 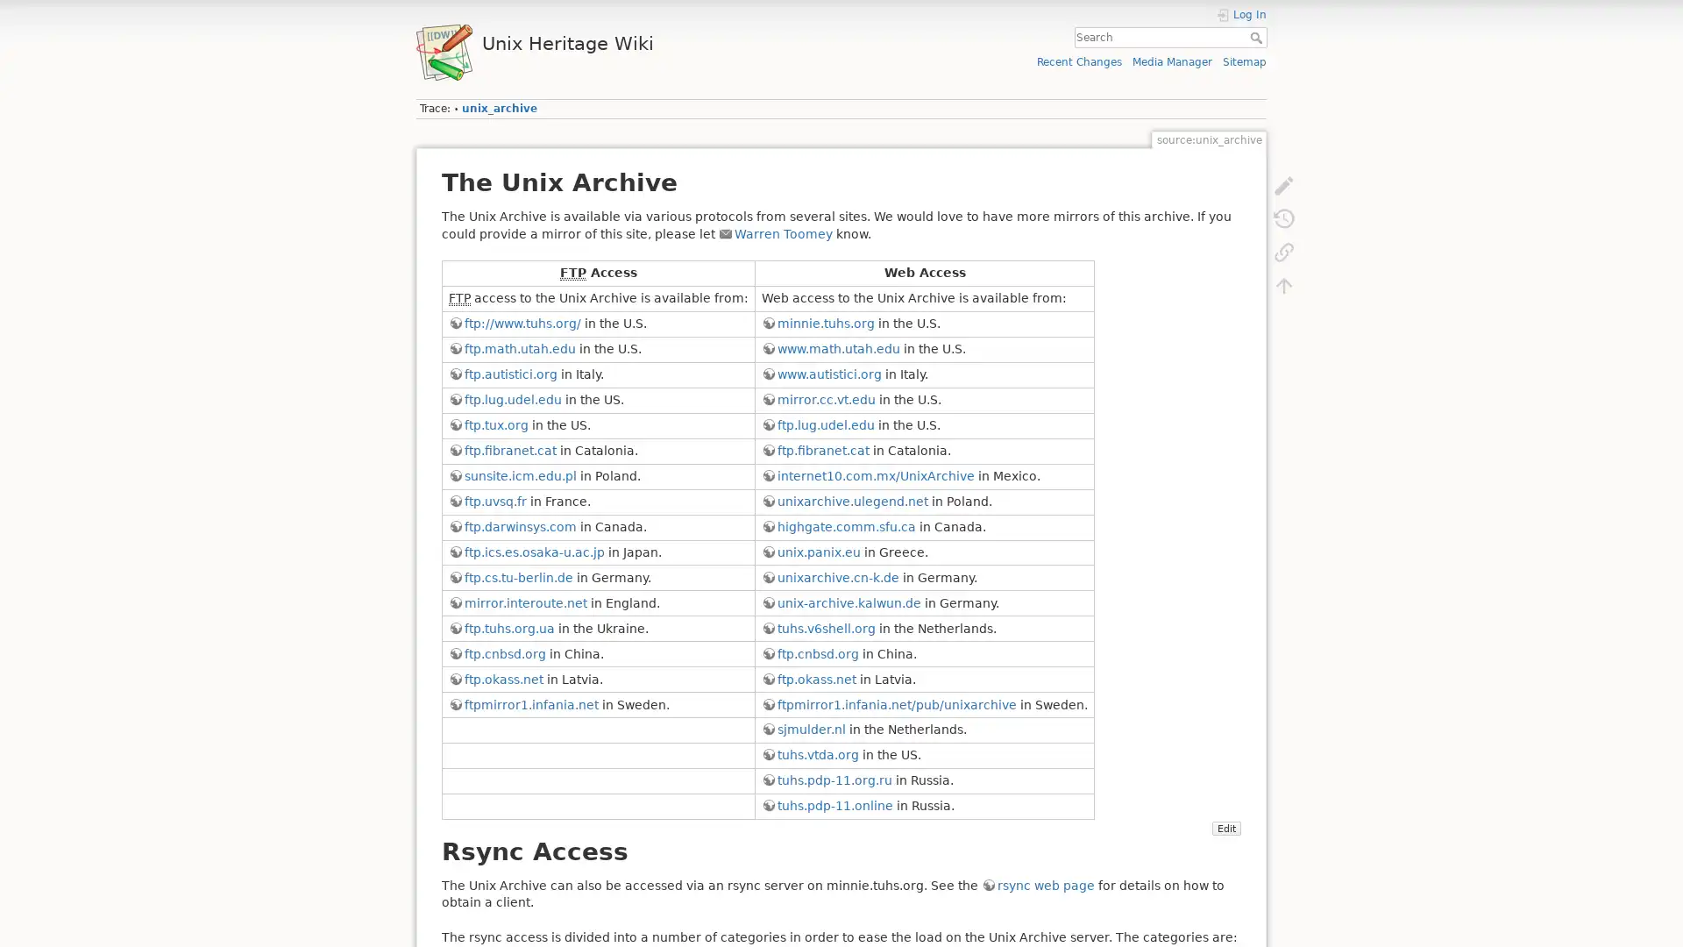 I want to click on Edit, so click(x=1225, y=829).